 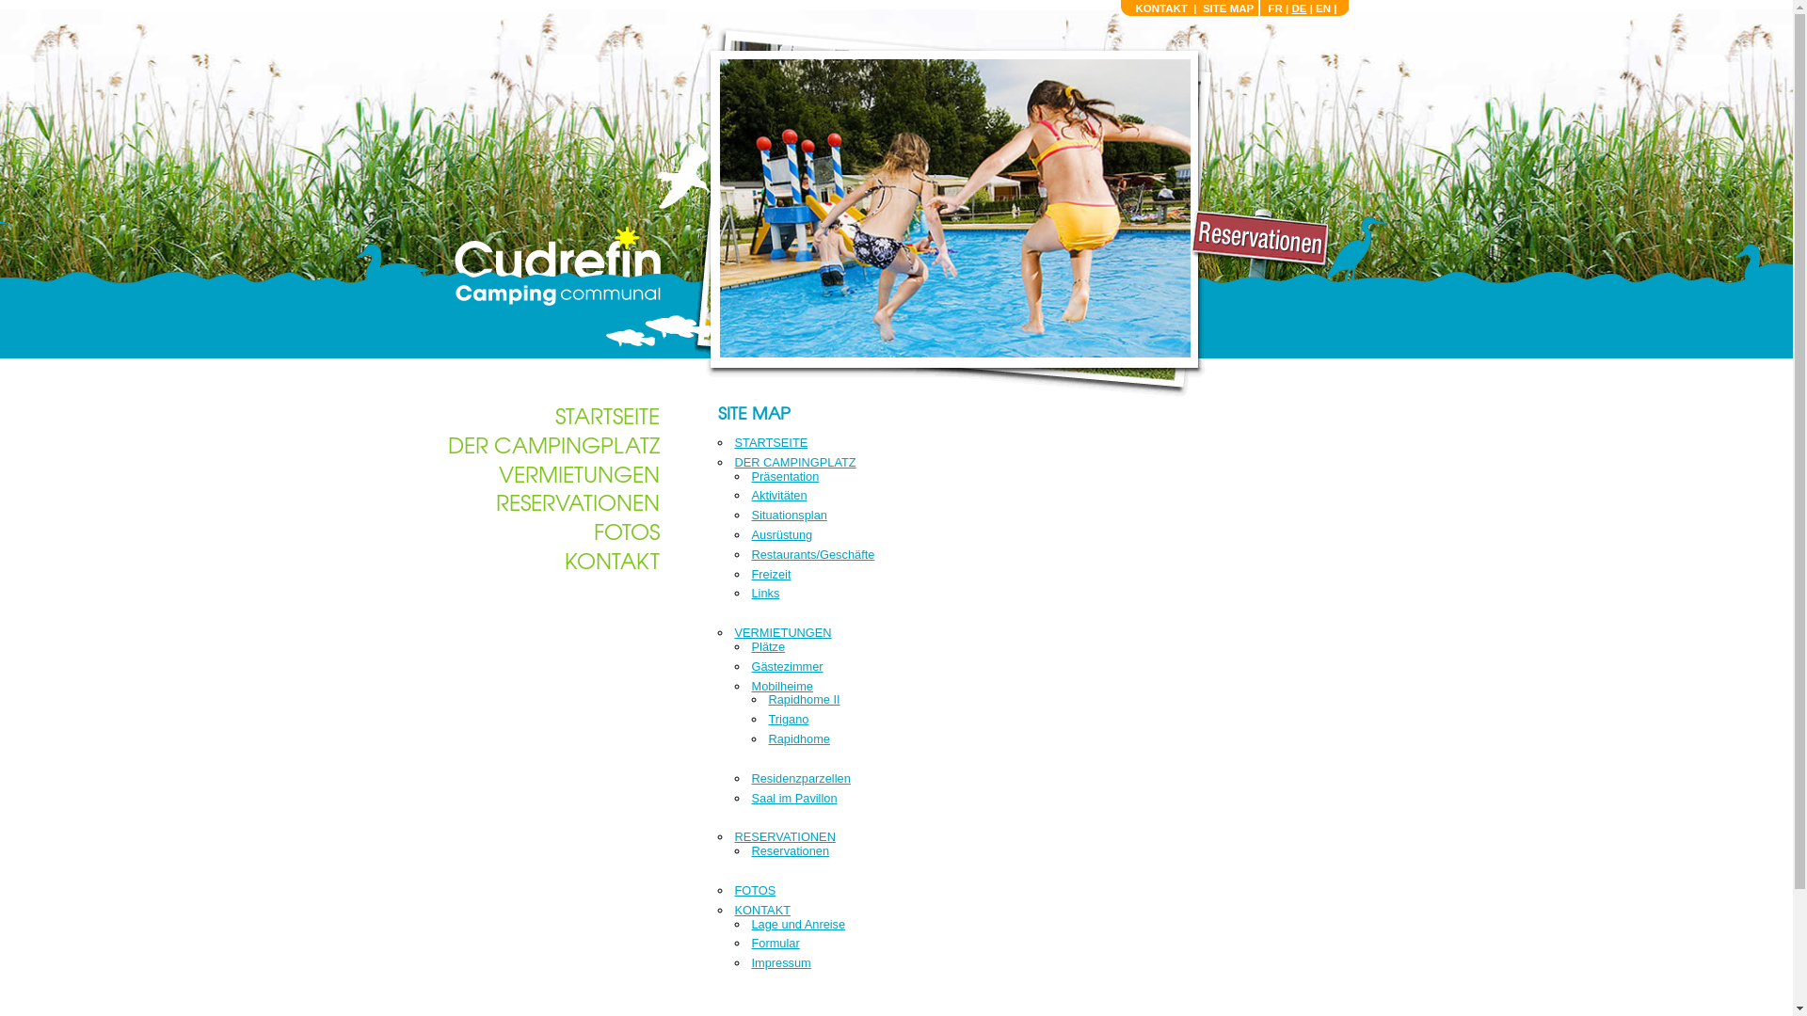 What do you see at coordinates (1322, 8) in the screenshot?
I see `'EN'` at bounding box center [1322, 8].